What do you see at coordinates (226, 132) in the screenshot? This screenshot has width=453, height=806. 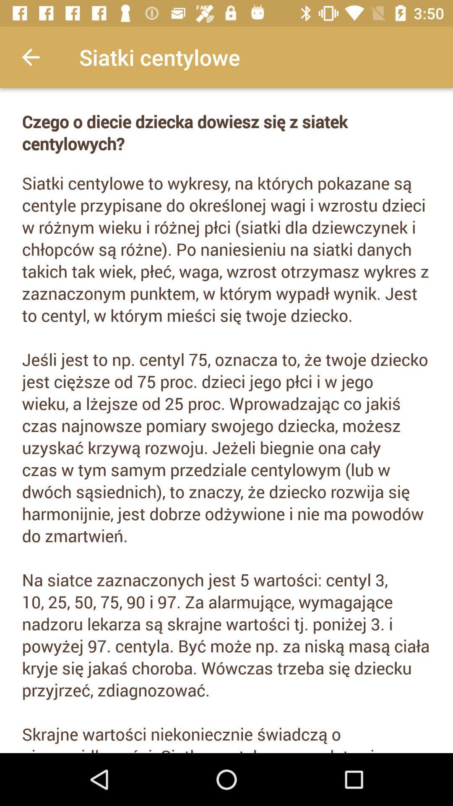 I see `the czego o diecie icon` at bounding box center [226, 132].